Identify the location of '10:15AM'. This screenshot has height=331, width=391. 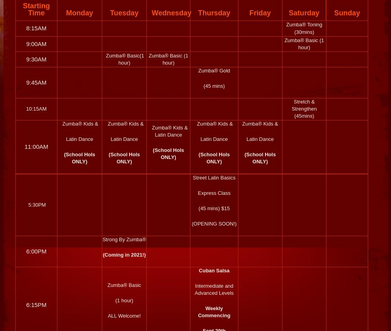
(36, 108).